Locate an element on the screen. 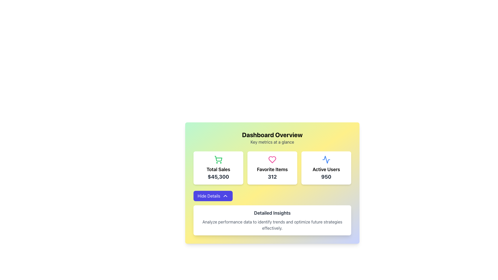 Image resolution: width=498 pixels, height=280 pixels. text label that says 'Key metrics at a glance', which is styled in gray and located below the 'Dashboard Overview' header in the dashboard interface is located at coordinates (272, 142).